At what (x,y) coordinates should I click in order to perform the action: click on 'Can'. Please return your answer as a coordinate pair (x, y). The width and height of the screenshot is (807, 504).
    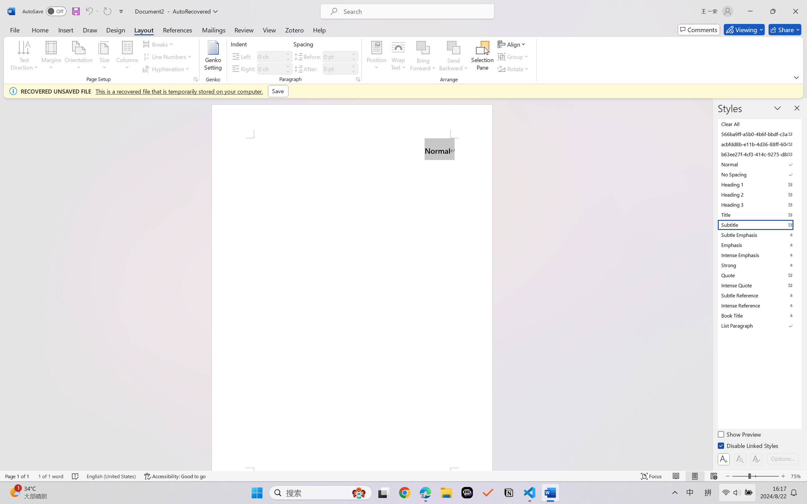
    Looking at the image, I should click on (88, 11).